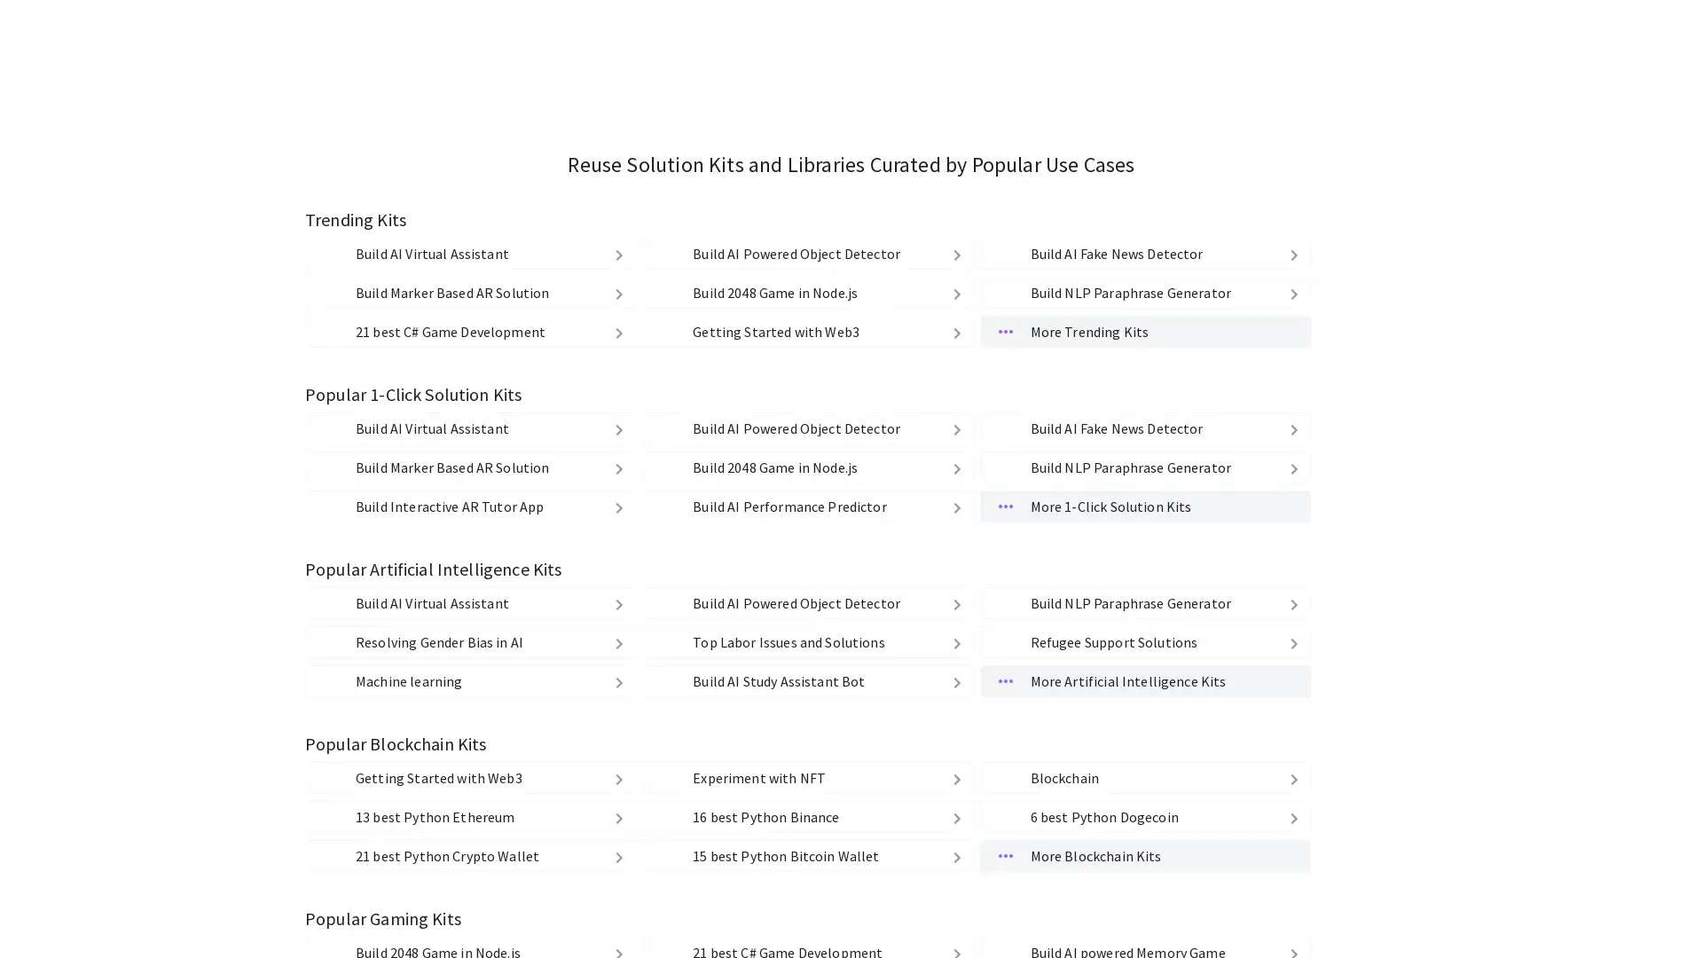 This screenshot has width=1703, height=958. I want to click on delete, so click(1293, 875).